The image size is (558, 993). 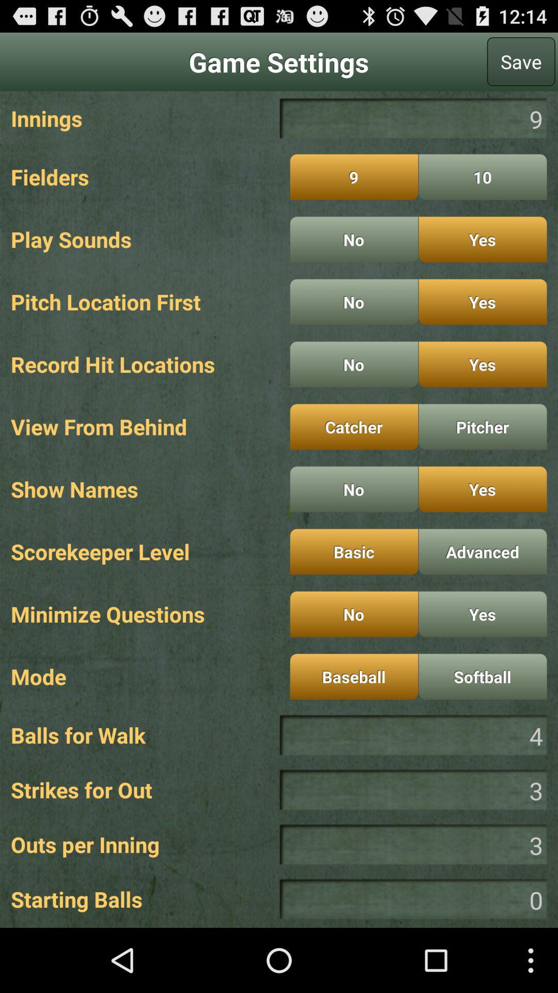 What do you see at coordinates (353, 364) in the screenshot?
I see `the no button which is next to the the record hit locations text` at bounding box center [353, 364].